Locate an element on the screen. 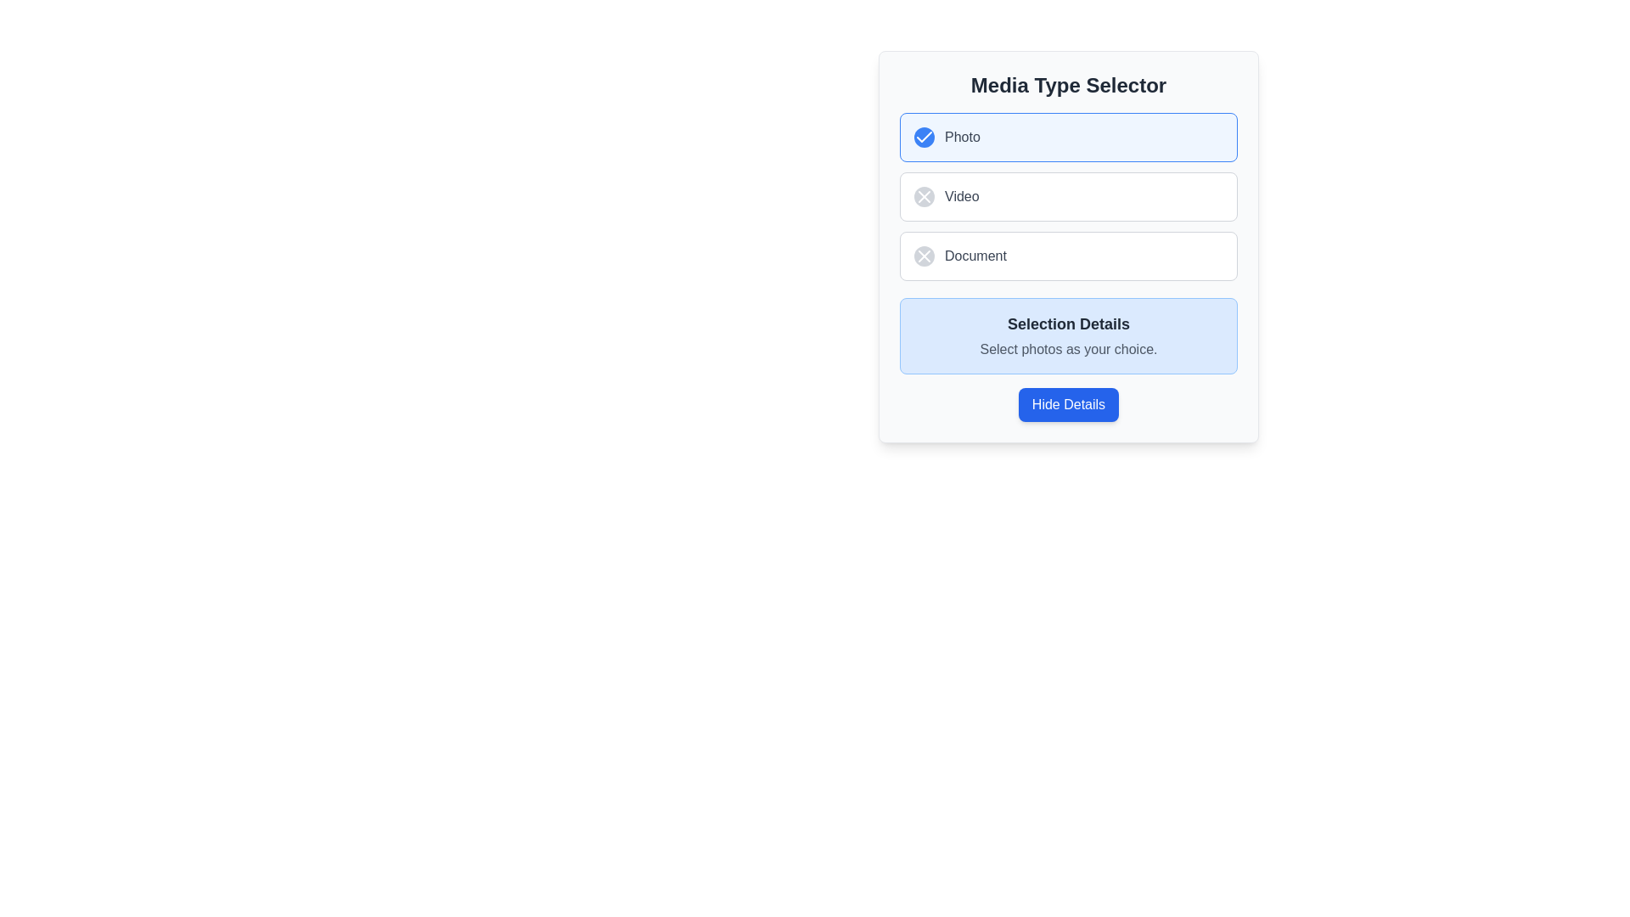 The width and height of the screenshot is (1630, 917). the X icon, which is a simple graphical representation consisting of two intersecting lines forming a cross, located at the top-right of the 'Video' selection row within the UI is located at coordinates (924, 195).